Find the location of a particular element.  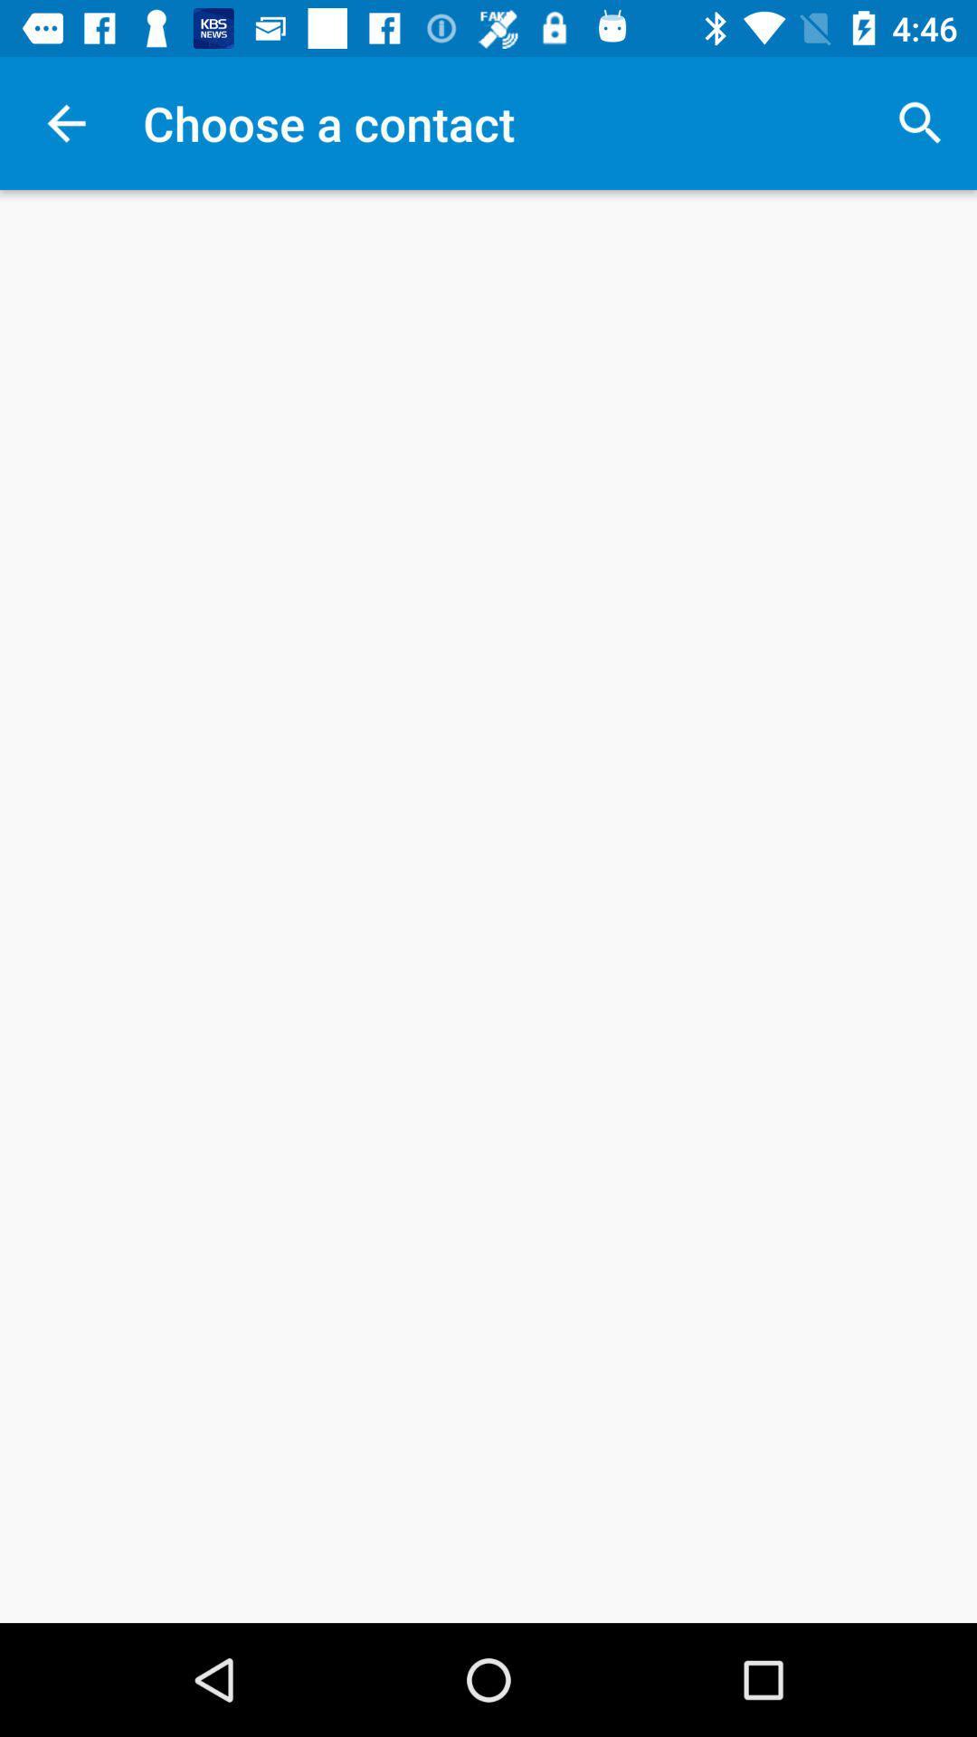

the icon to the right of the choose a contact item is located at coordinates (920, 122).